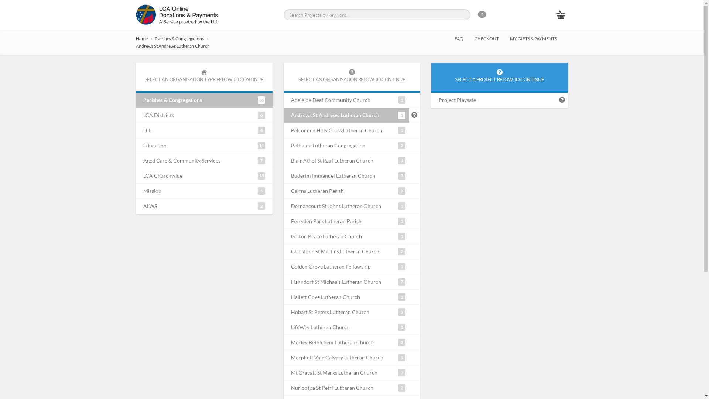 The image size is (709, 399). Describe the element at coordinates (346, 266) in the screenshot. I see `'1` at that location.